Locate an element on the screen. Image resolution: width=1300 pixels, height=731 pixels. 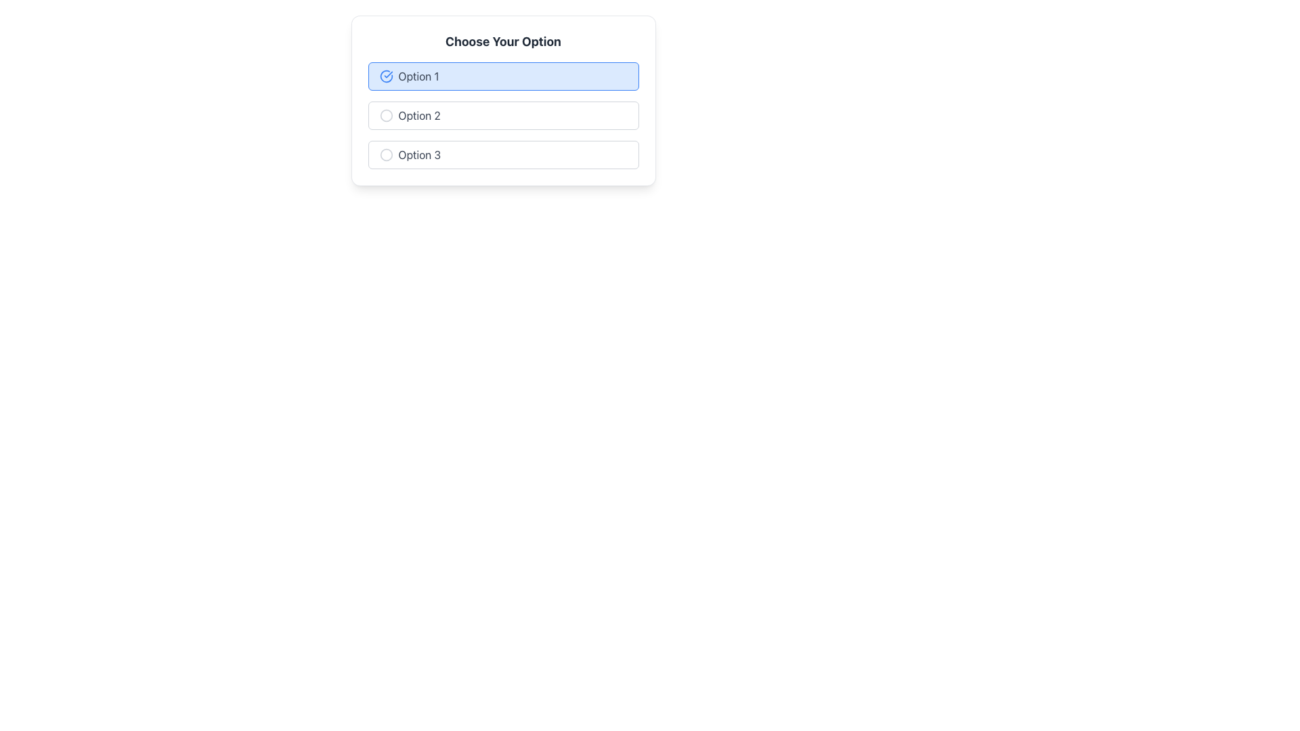
the Circle indicator with a gray stroke and empty fill, which is positioned next to 'Option 3' in the vertical list of selectable items is located at coordinates (385, 154).